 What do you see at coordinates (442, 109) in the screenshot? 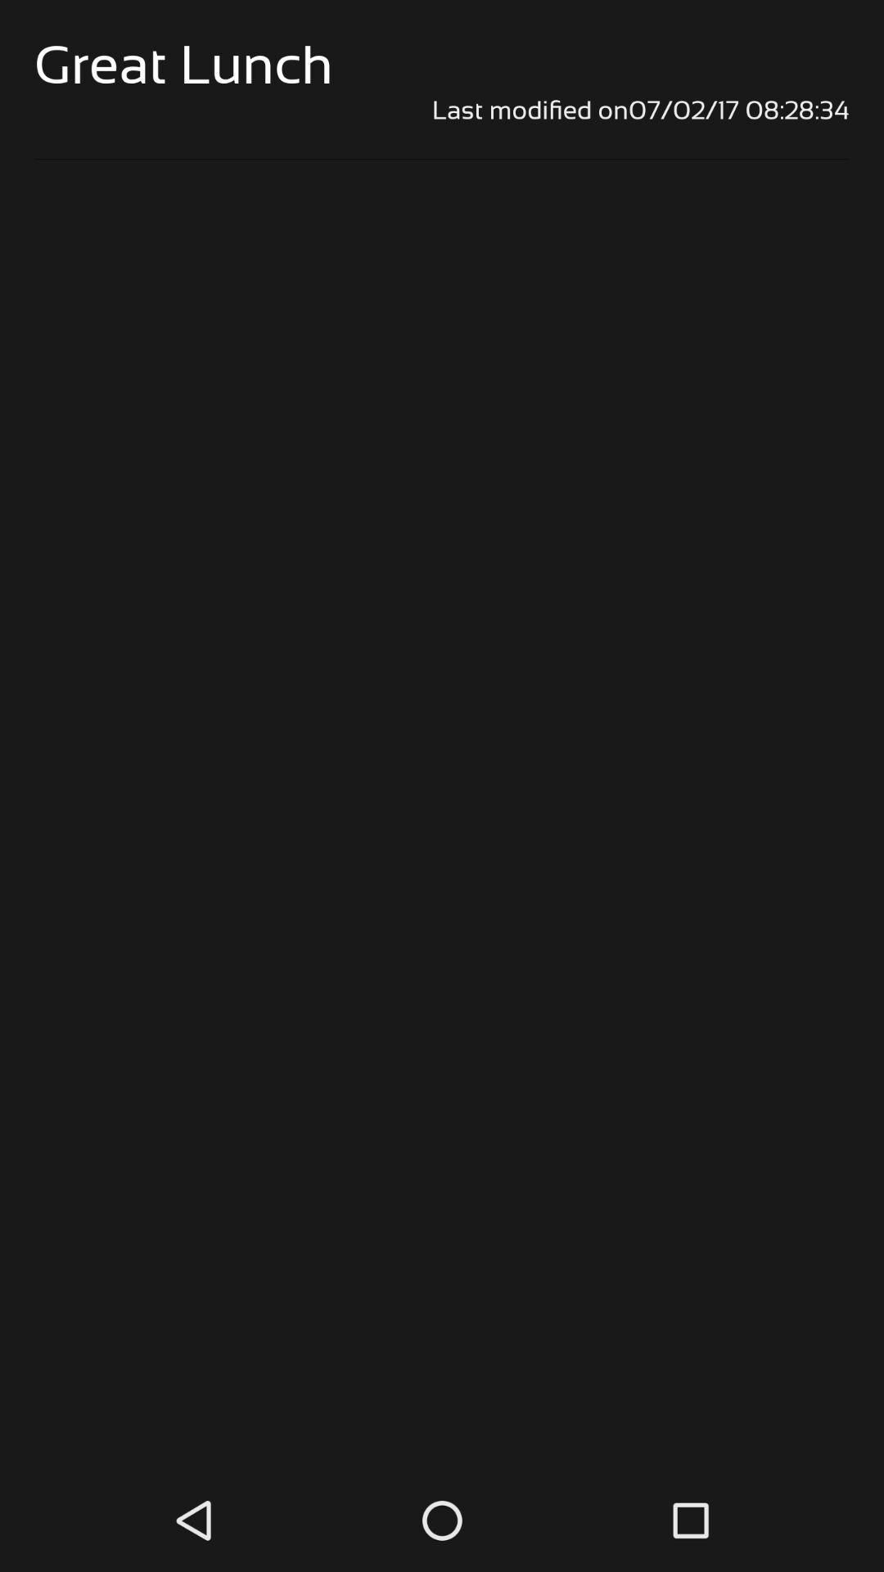
I see `the last modified on07 icon` at bounding box center [442, 109].